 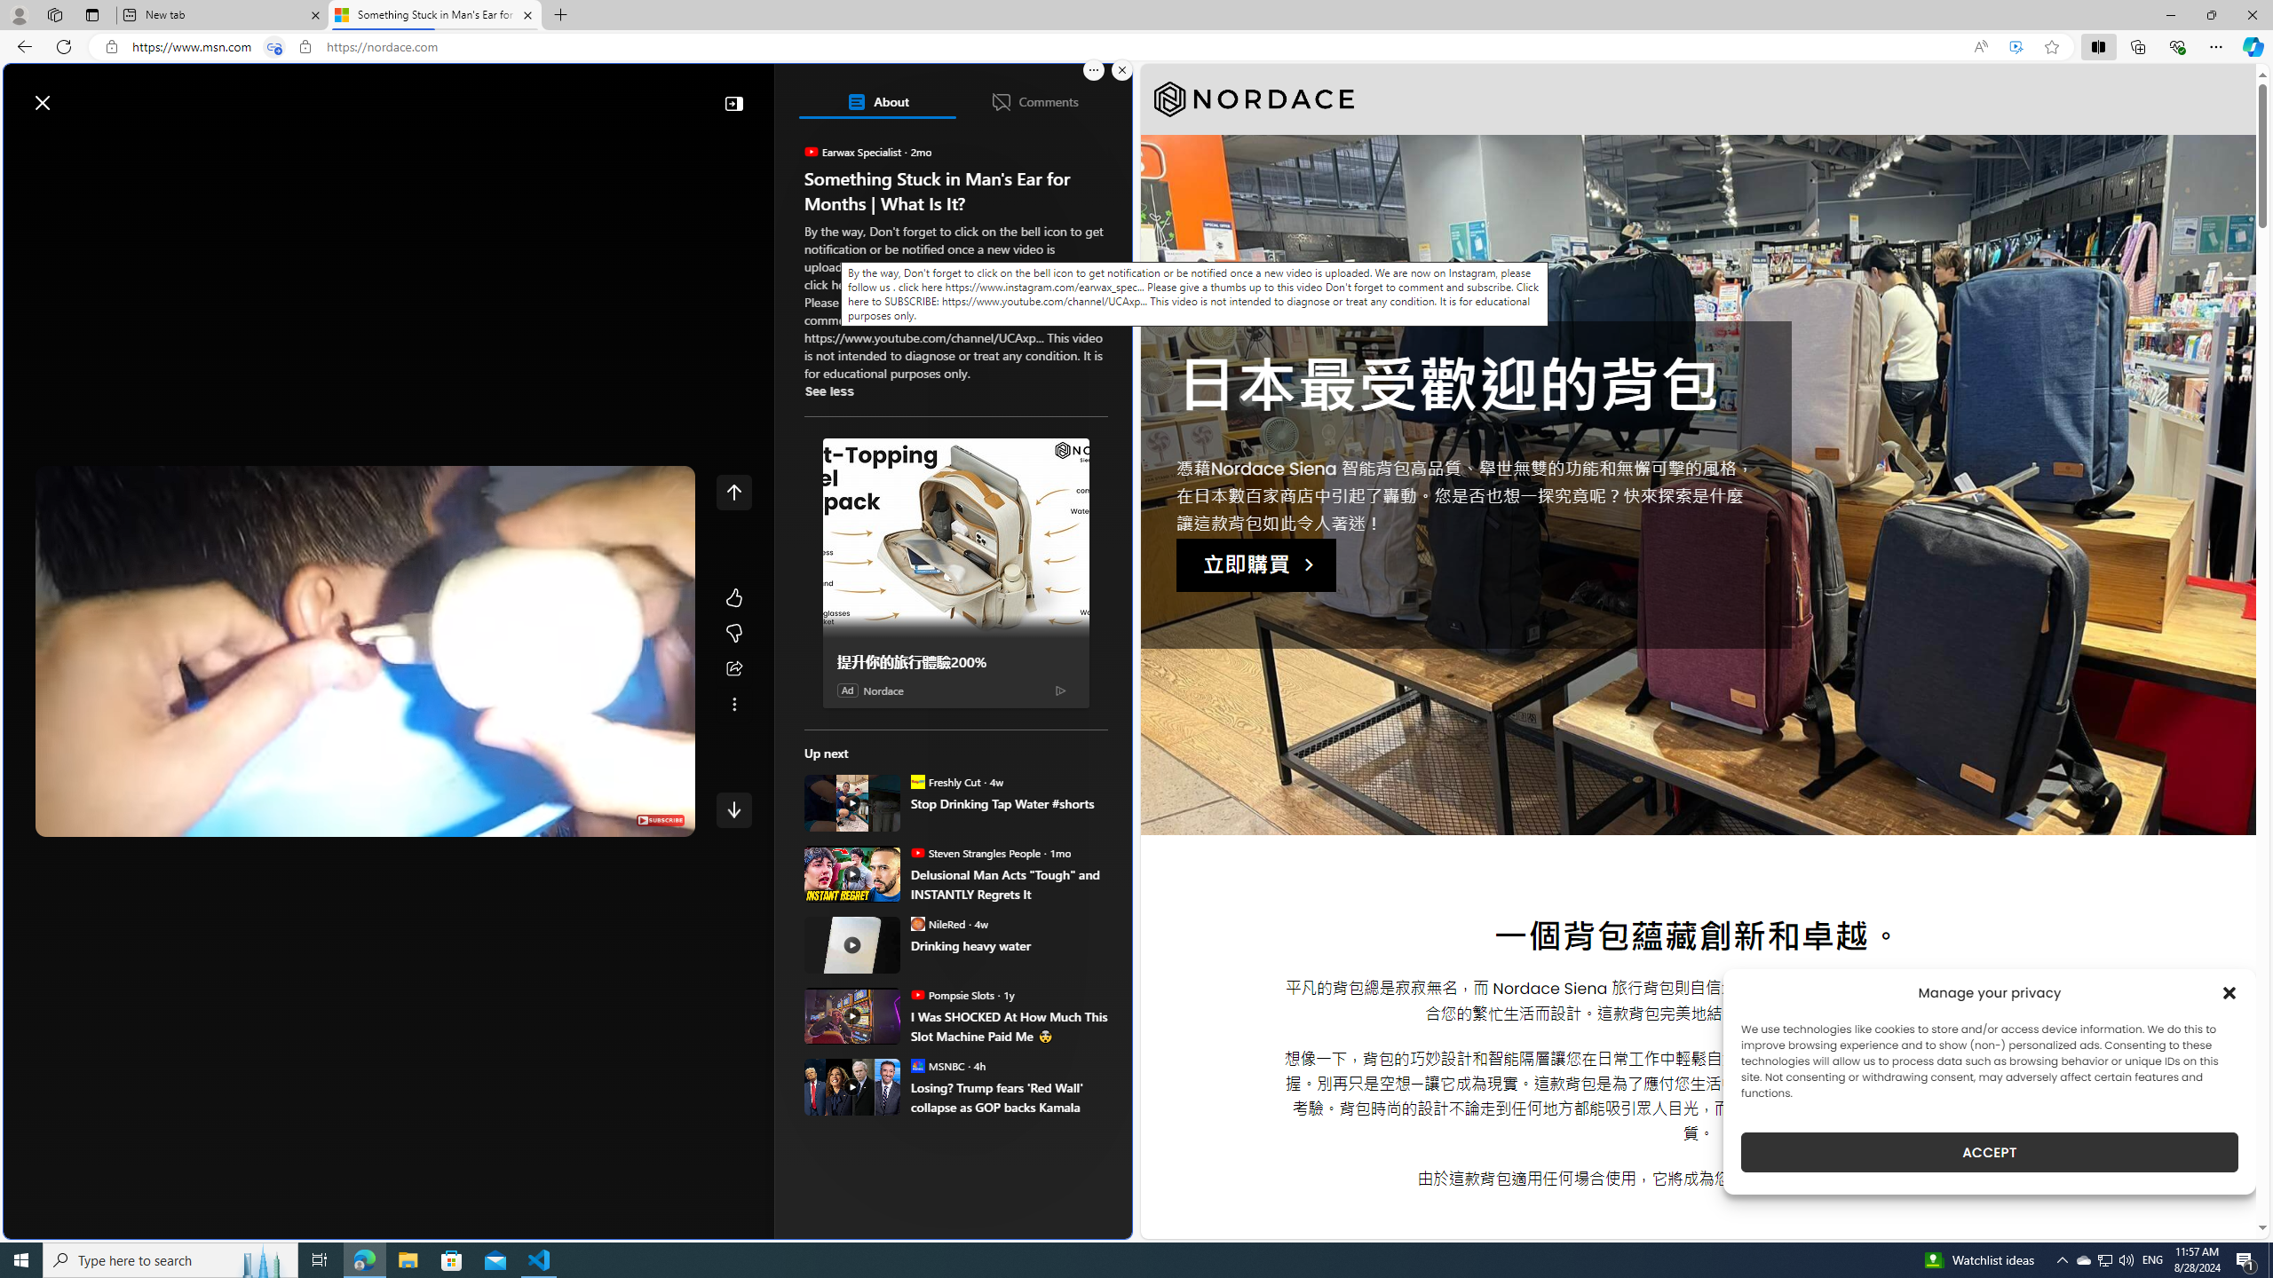 What do you see at coordinates (915, 922) in the screenshot?
I see `'NileRed'` at bounding box center [915, 922].